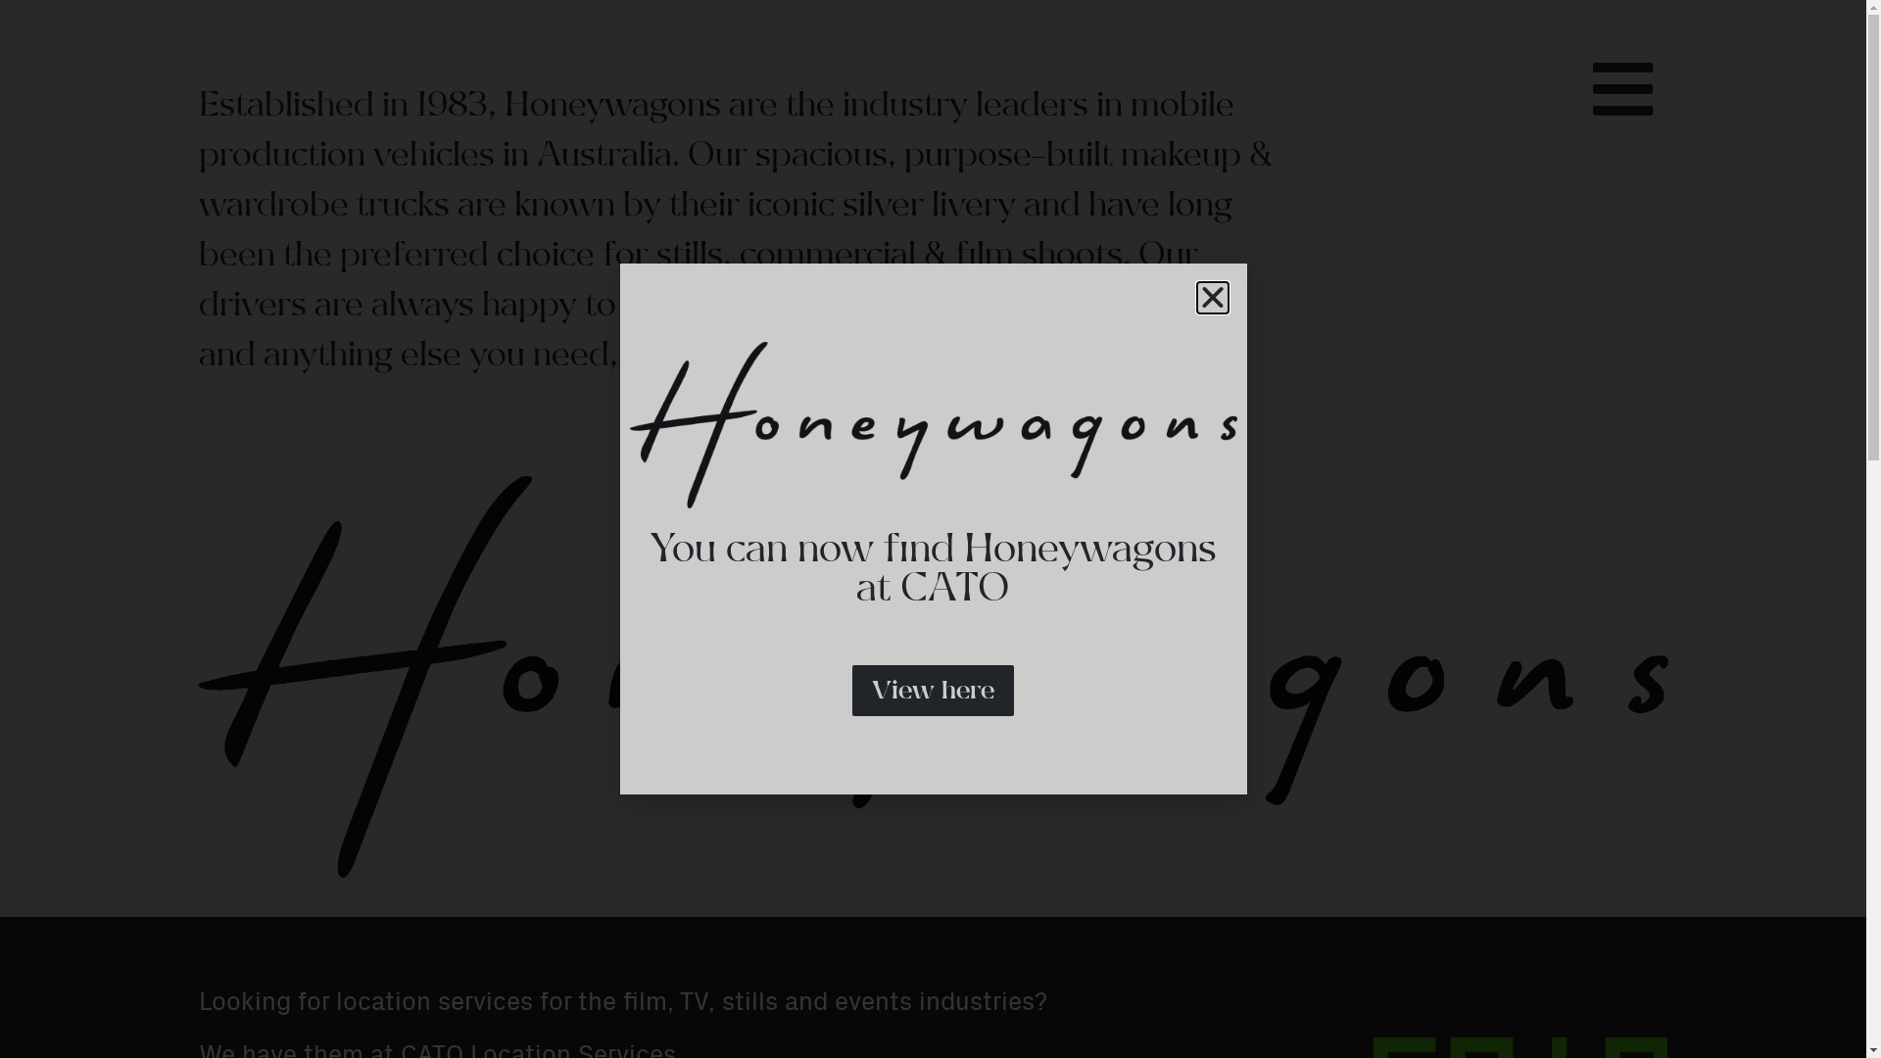 The height and width of the screenshot is (1058, 1881). Describe the element at coordinates (932, 690) in the screenshot. I see `'View here'` at that location.